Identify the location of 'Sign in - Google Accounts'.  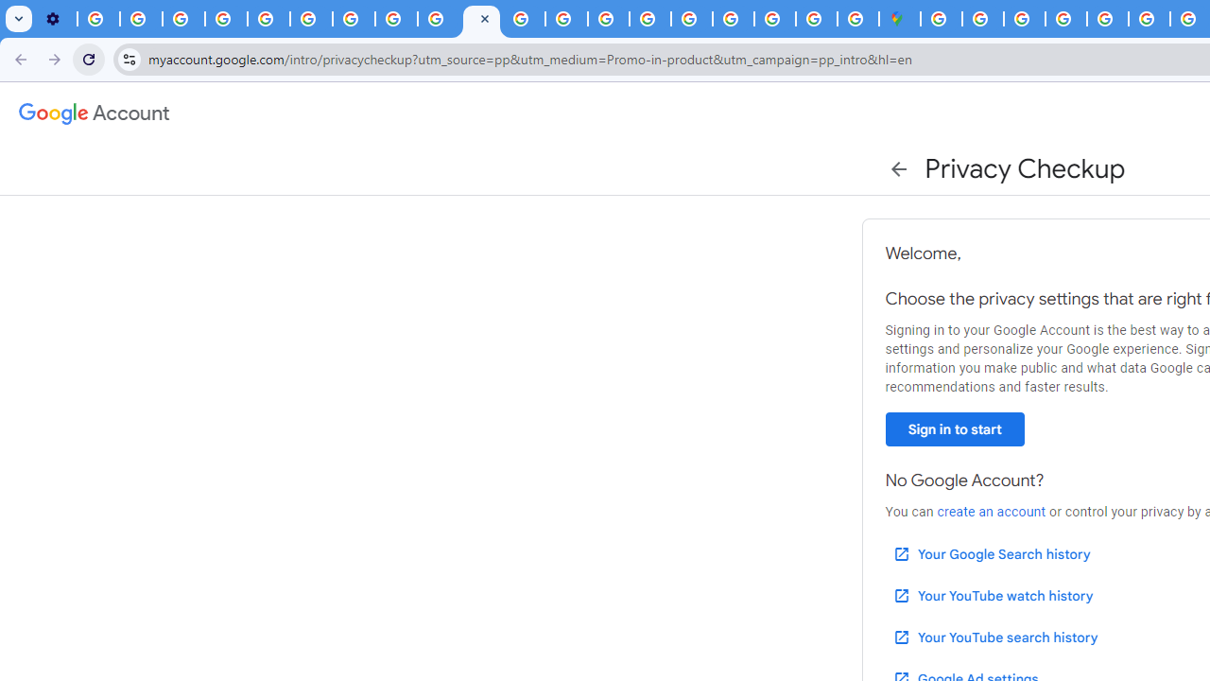
(983, 19).